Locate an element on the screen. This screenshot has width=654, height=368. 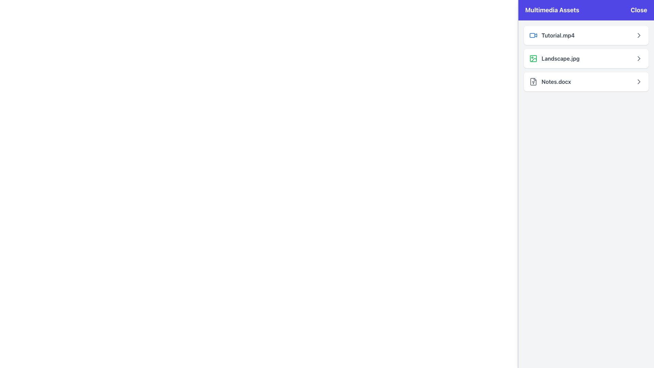
the green square with rounded corners located within the image icon to the left of the 'Landscape.jpg' text label in the 'Multimedia Assets' panel is located at coordinates (533, 58).